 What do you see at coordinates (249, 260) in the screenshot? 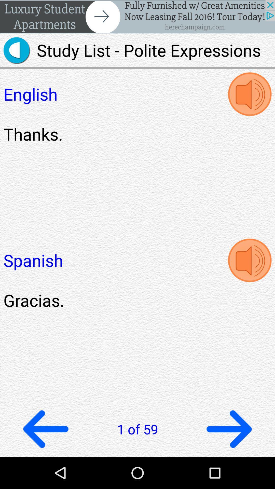
I see `listen to spanish audio` at bounding box center [249, 260].